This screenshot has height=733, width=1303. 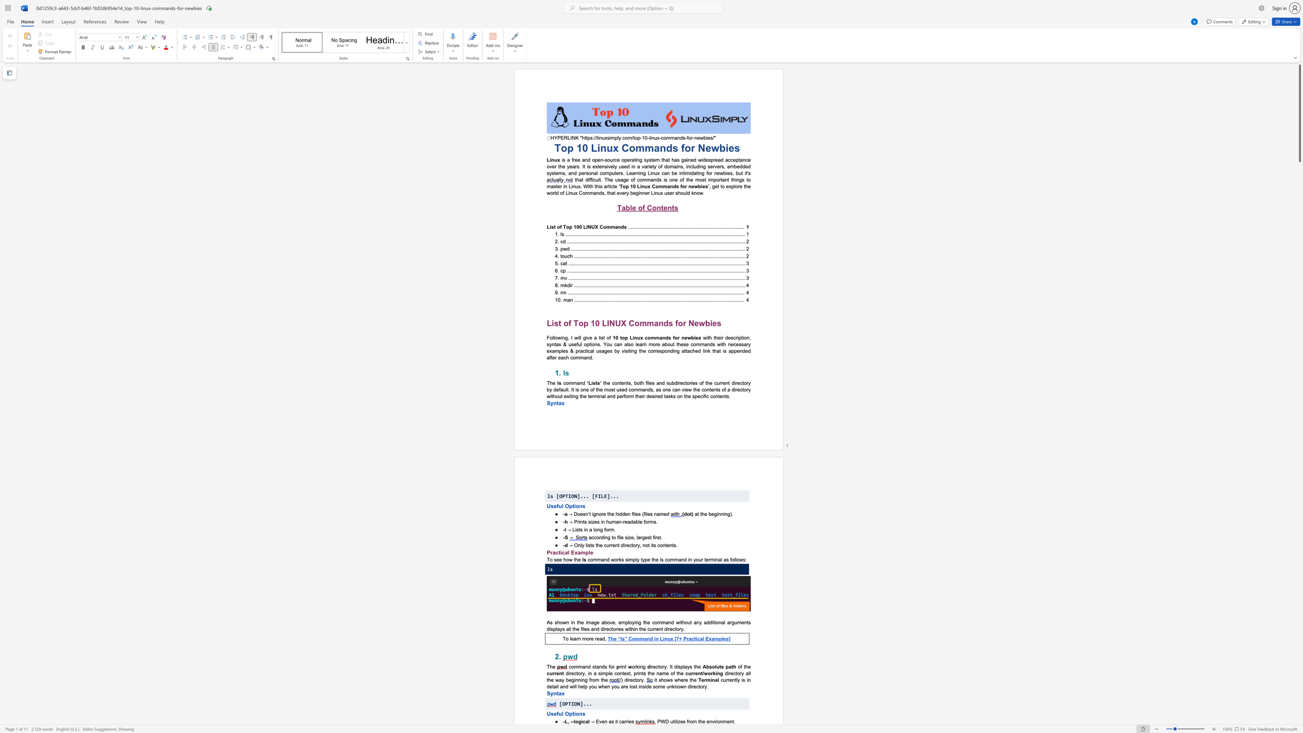 I want to click on the subset text "ands" within the text "Top 10 Linux Commands", so click(x=667, y=186).